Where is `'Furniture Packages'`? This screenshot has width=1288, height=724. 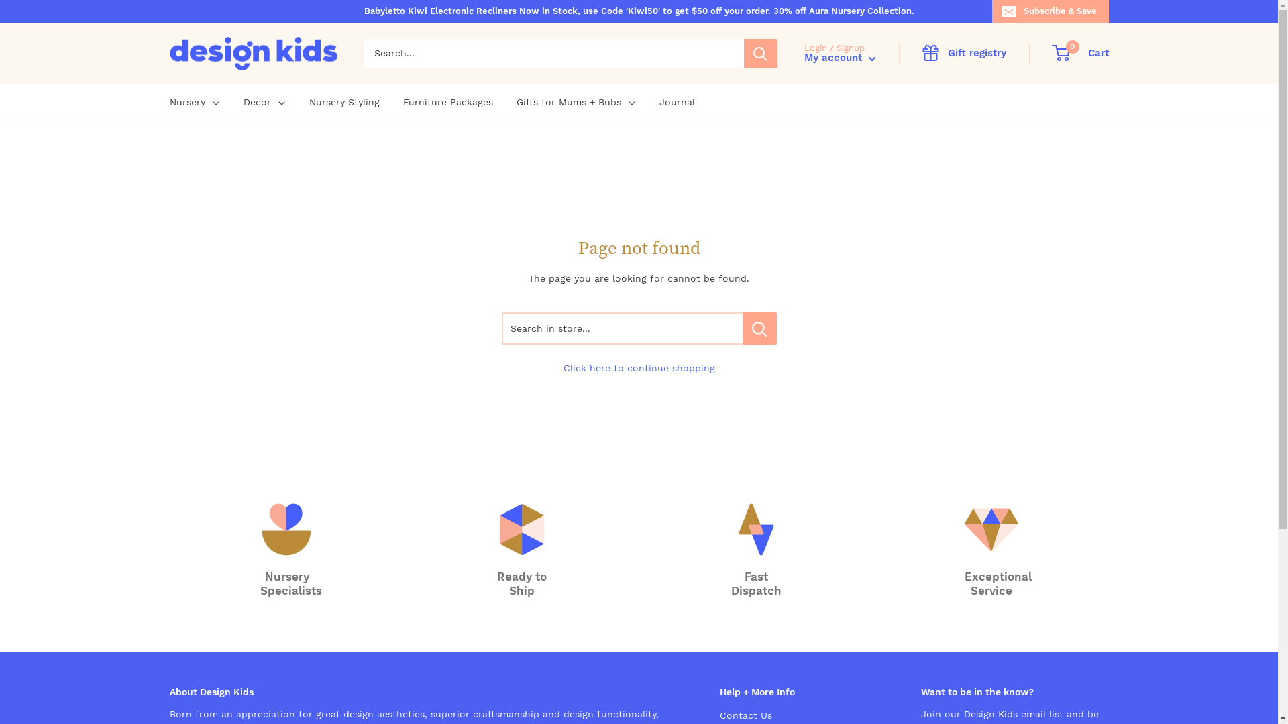
'Furniture Packages' is located at coordinates (447, 101).